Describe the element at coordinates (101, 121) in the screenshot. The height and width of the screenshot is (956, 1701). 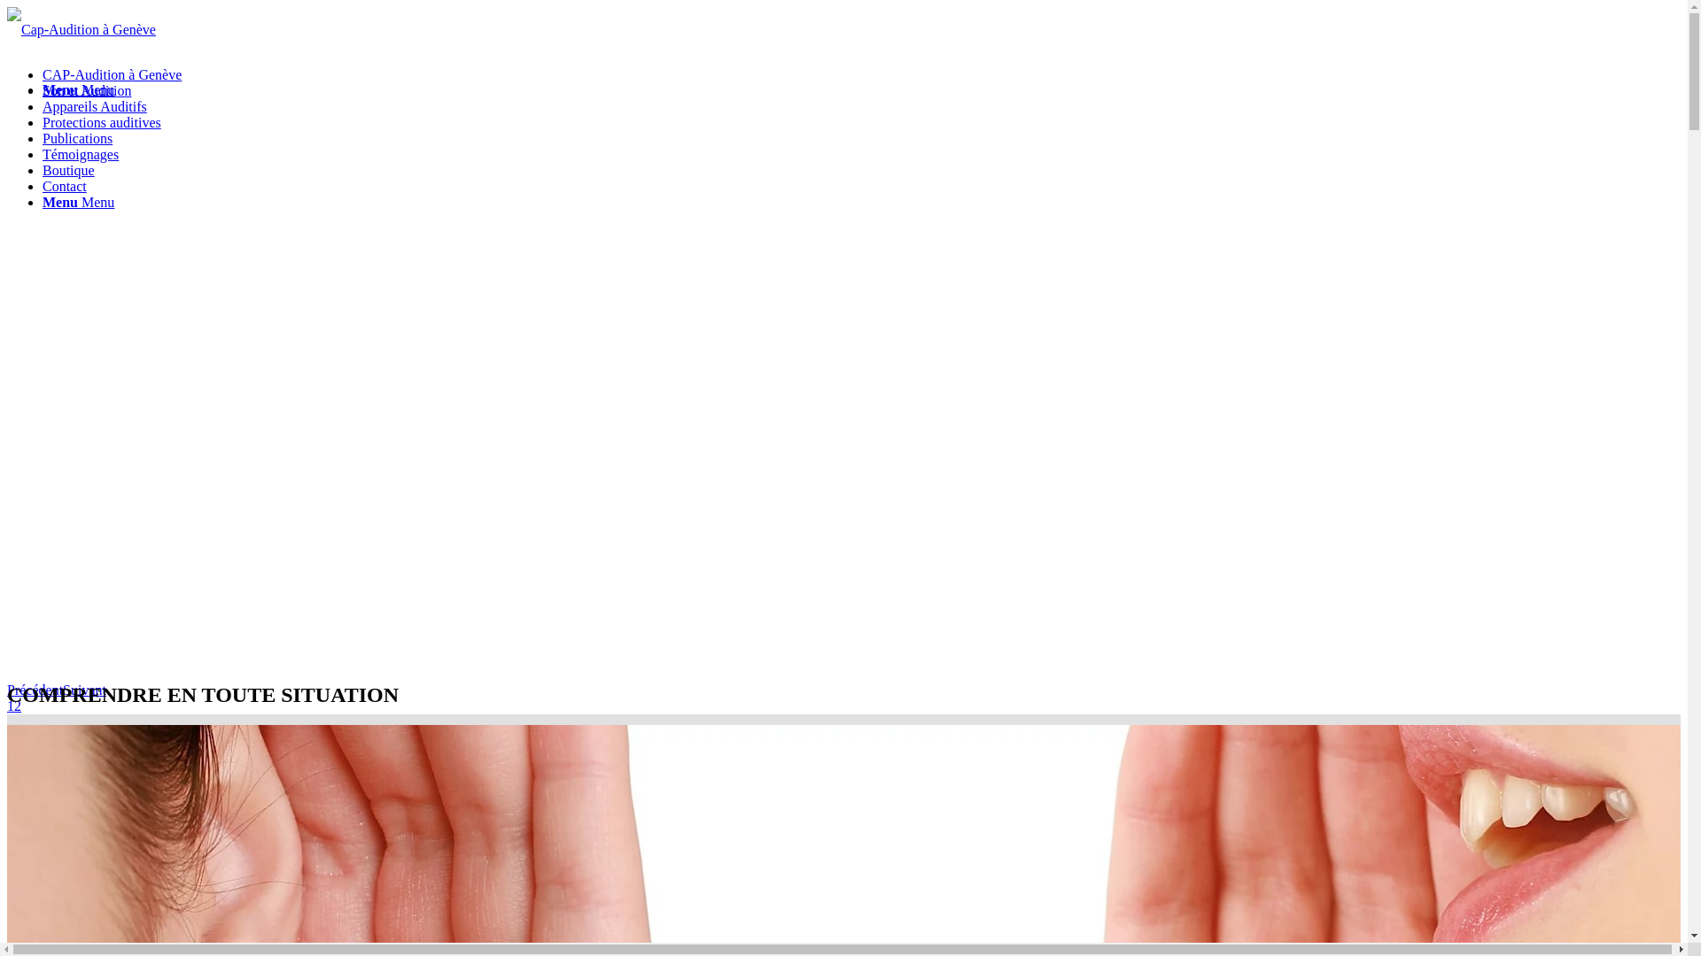
I see `'Protections auditives'` at that location.